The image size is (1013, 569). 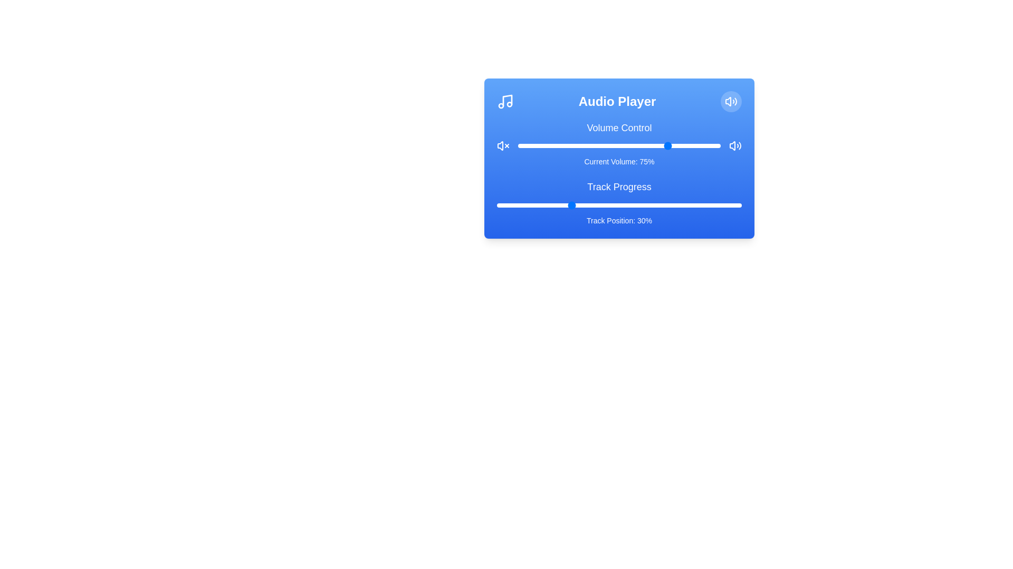 What do you see at coordinates (544, 144) in the screenshot?
I see `volume` at bounding box center [544, 144].